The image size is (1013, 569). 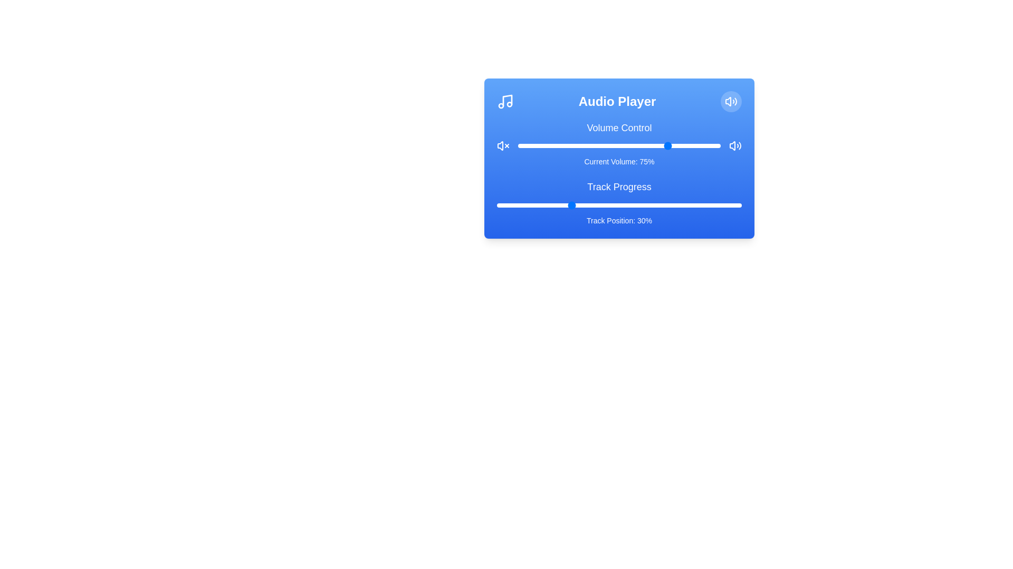 What do you see at coordinates (544, 144) in the screenshot?
I see `volume` at bounding box center [544, 144].